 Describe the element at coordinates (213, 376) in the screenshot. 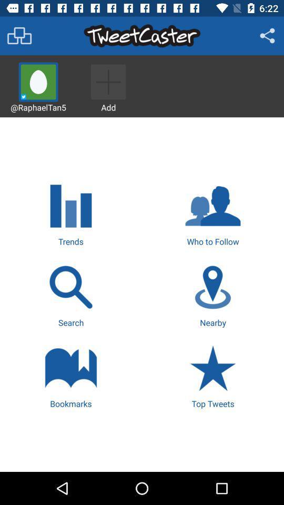

I see `the item at the bottom right corner` at that location.